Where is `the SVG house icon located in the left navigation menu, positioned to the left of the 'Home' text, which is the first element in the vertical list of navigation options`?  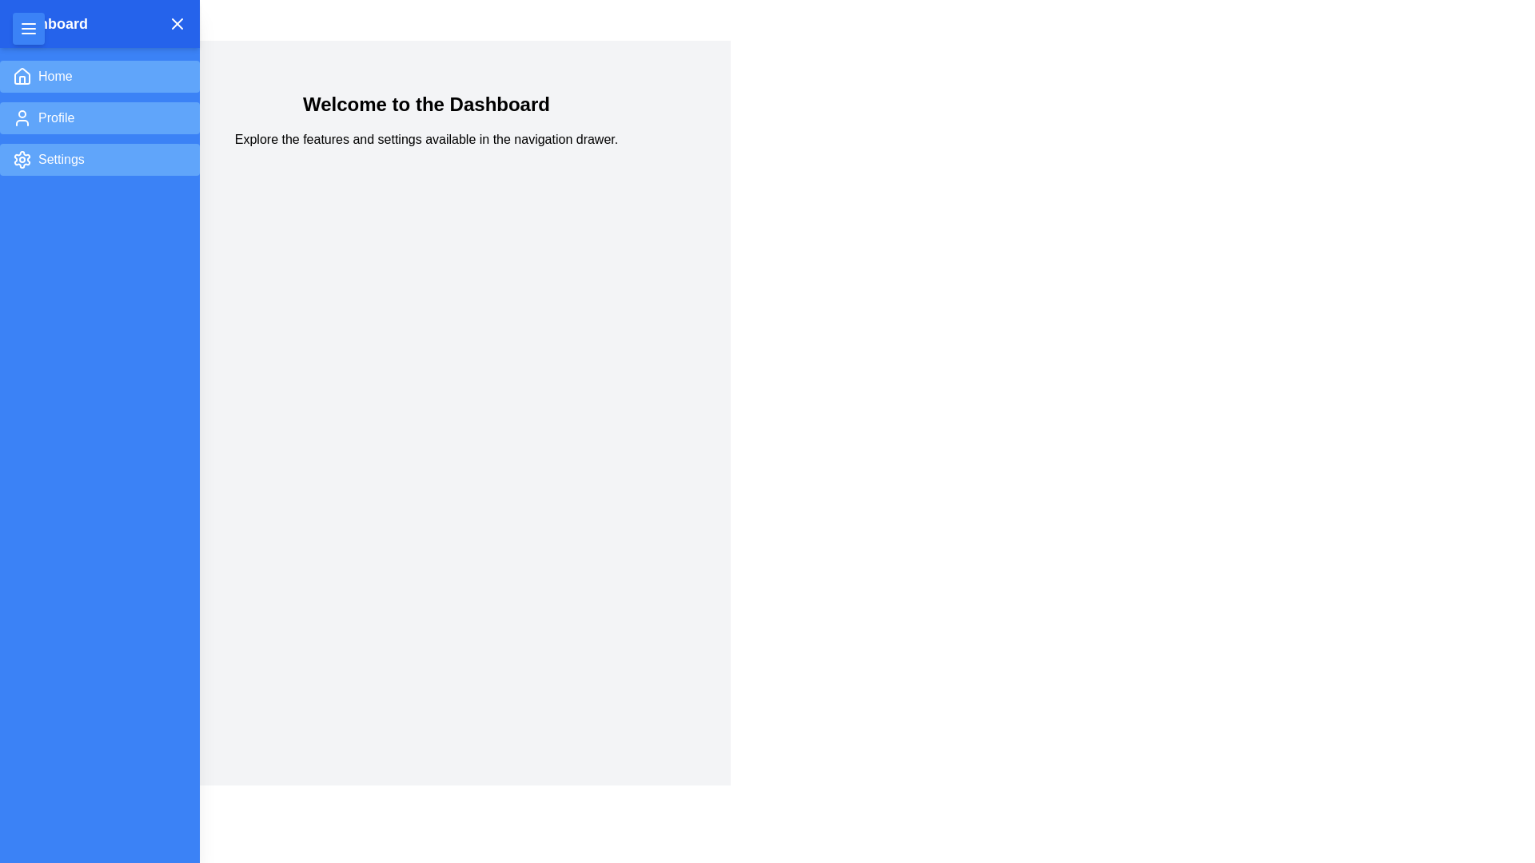 the SVG house icon located in the left navigation menu, positioned to the left of the 'Home' text, which is the first element in the vertical list of navigation options is located at coordinates (22, 77).